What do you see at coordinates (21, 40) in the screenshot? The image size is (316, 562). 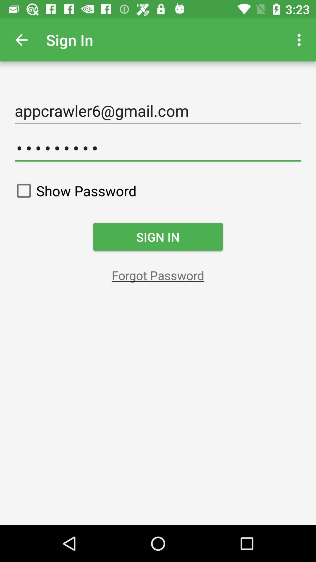 I see `item above the appcrawler6@gmail.com item` at bounding box center [21, 40].